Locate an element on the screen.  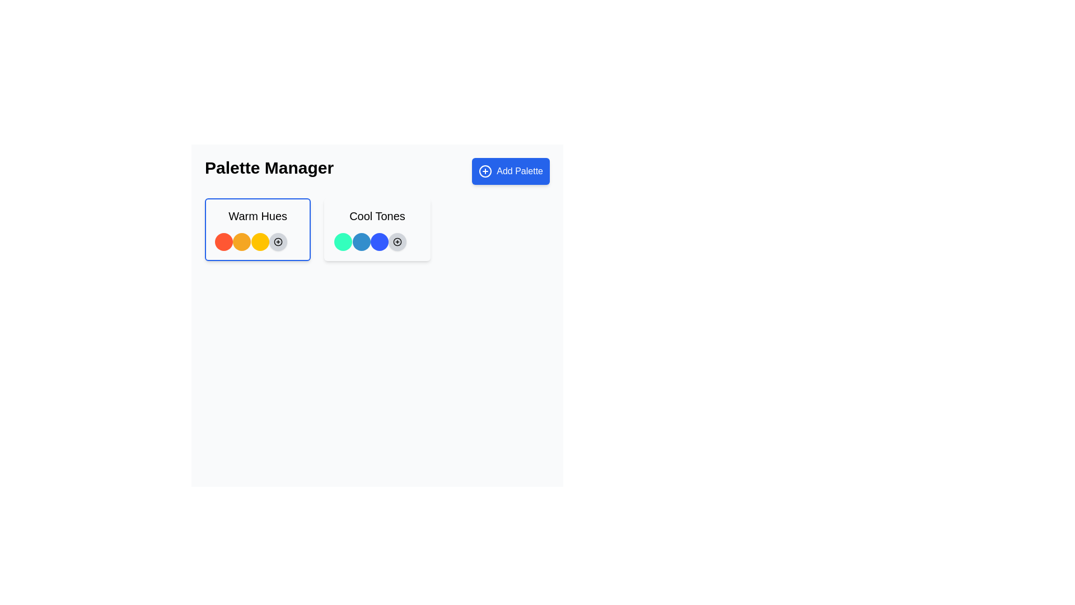
the third circular Color Swatch with a blue background in the 'Cool Tones' palette is located at coordinates (379, 241).